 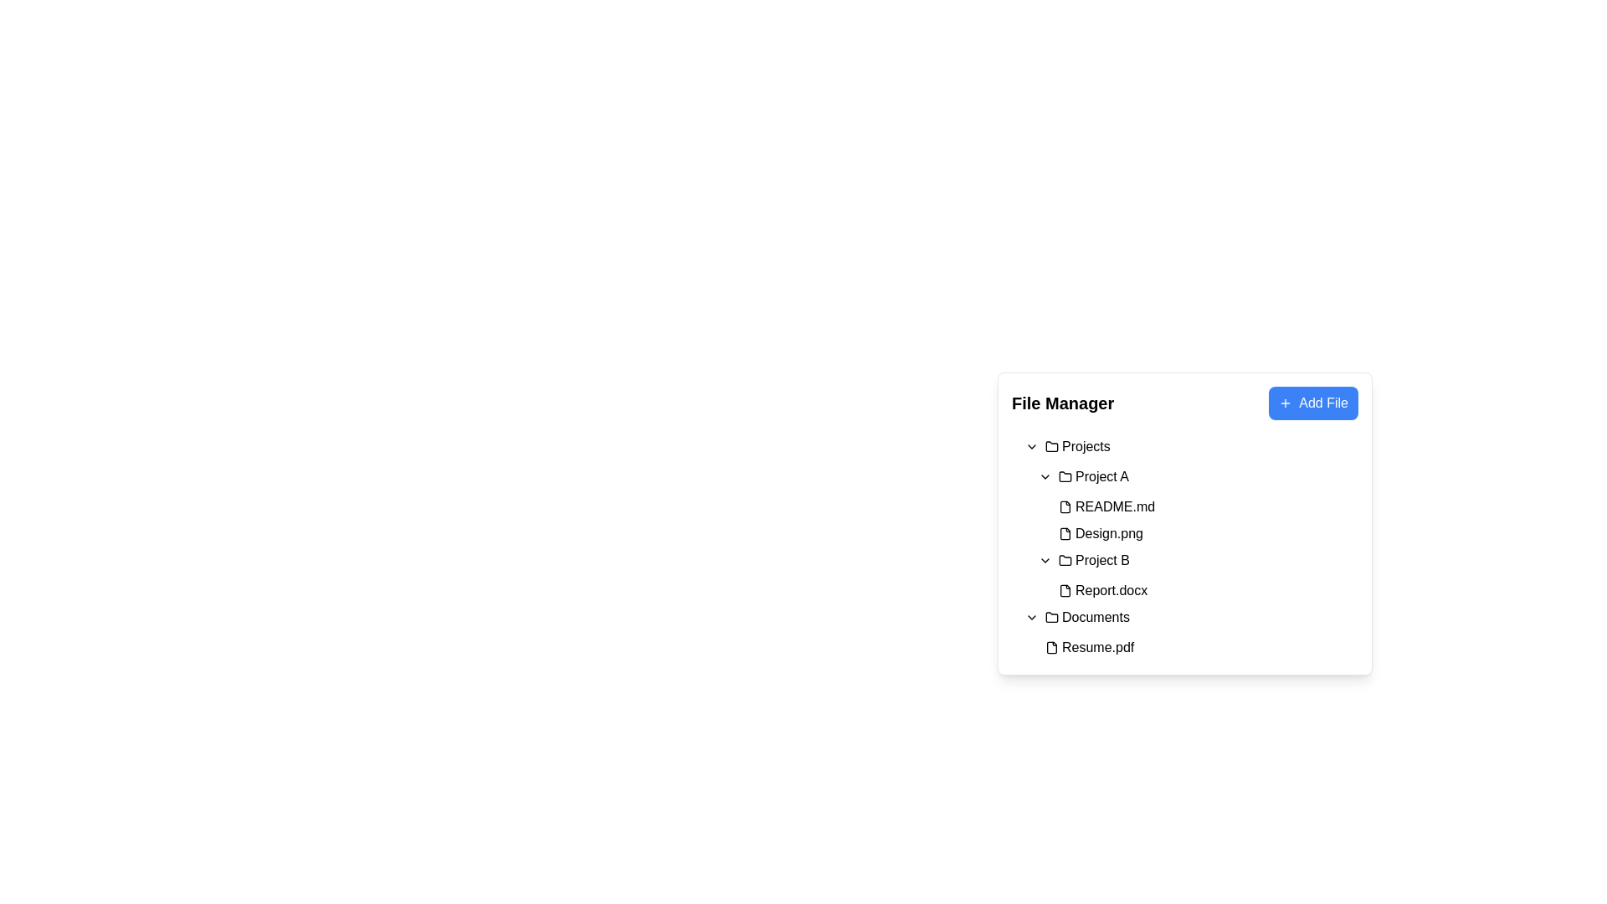 I want to click on the 'README.md' file entry item in the 'Project A' folder, so click(x=1205, y=506).